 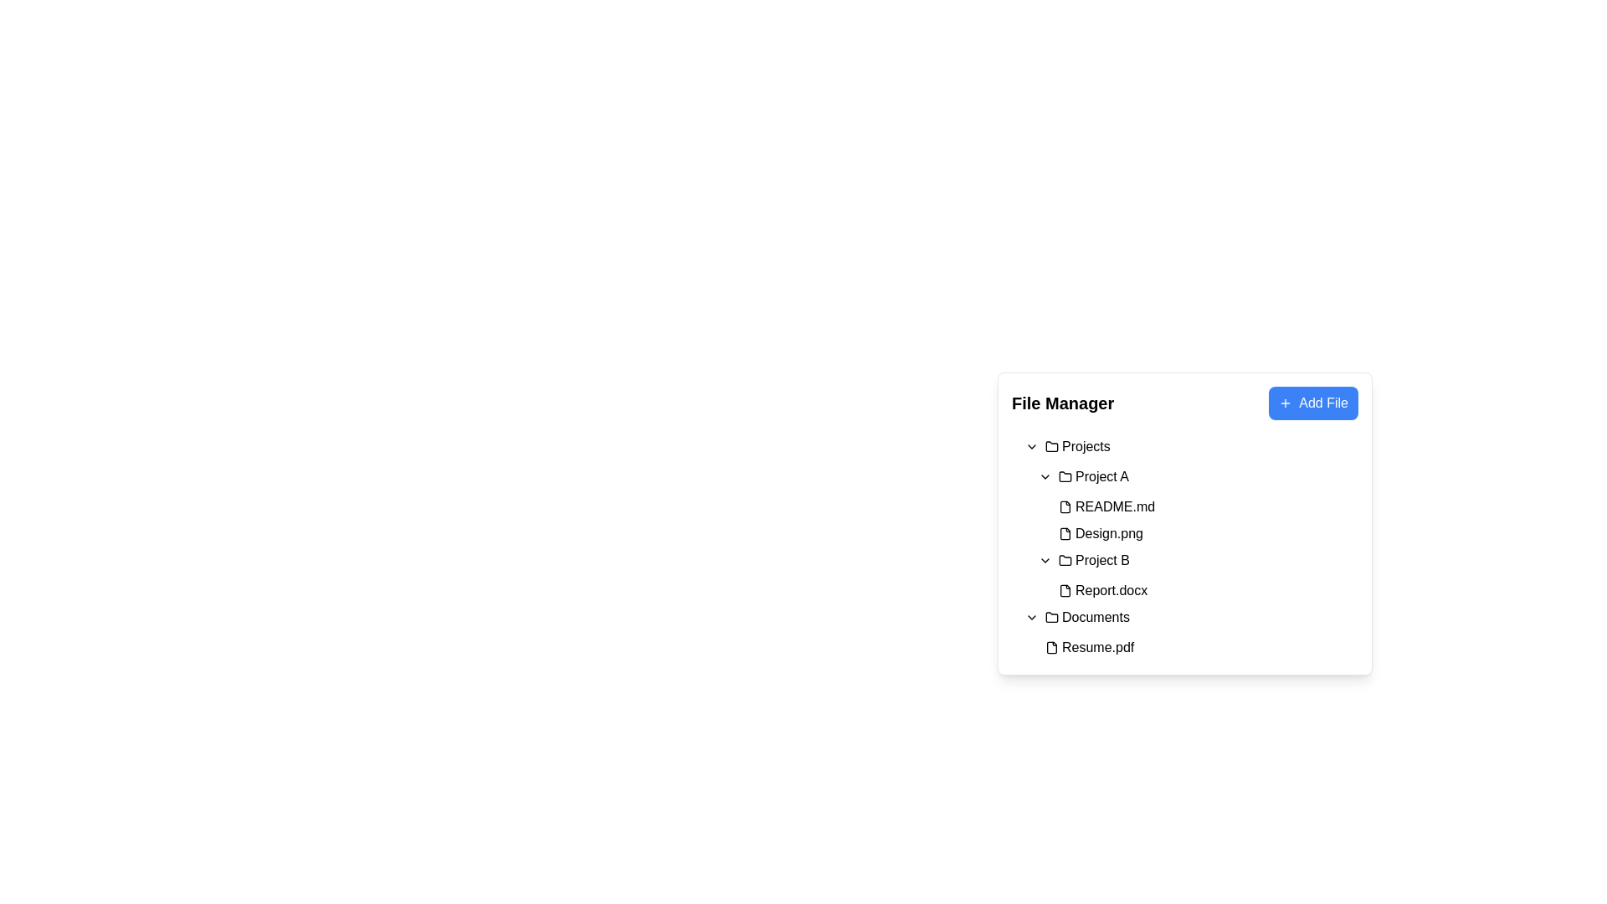 I want to click on the 'README.md' file entry item in the 'Project A' folder, so click(x=1205, y=506).